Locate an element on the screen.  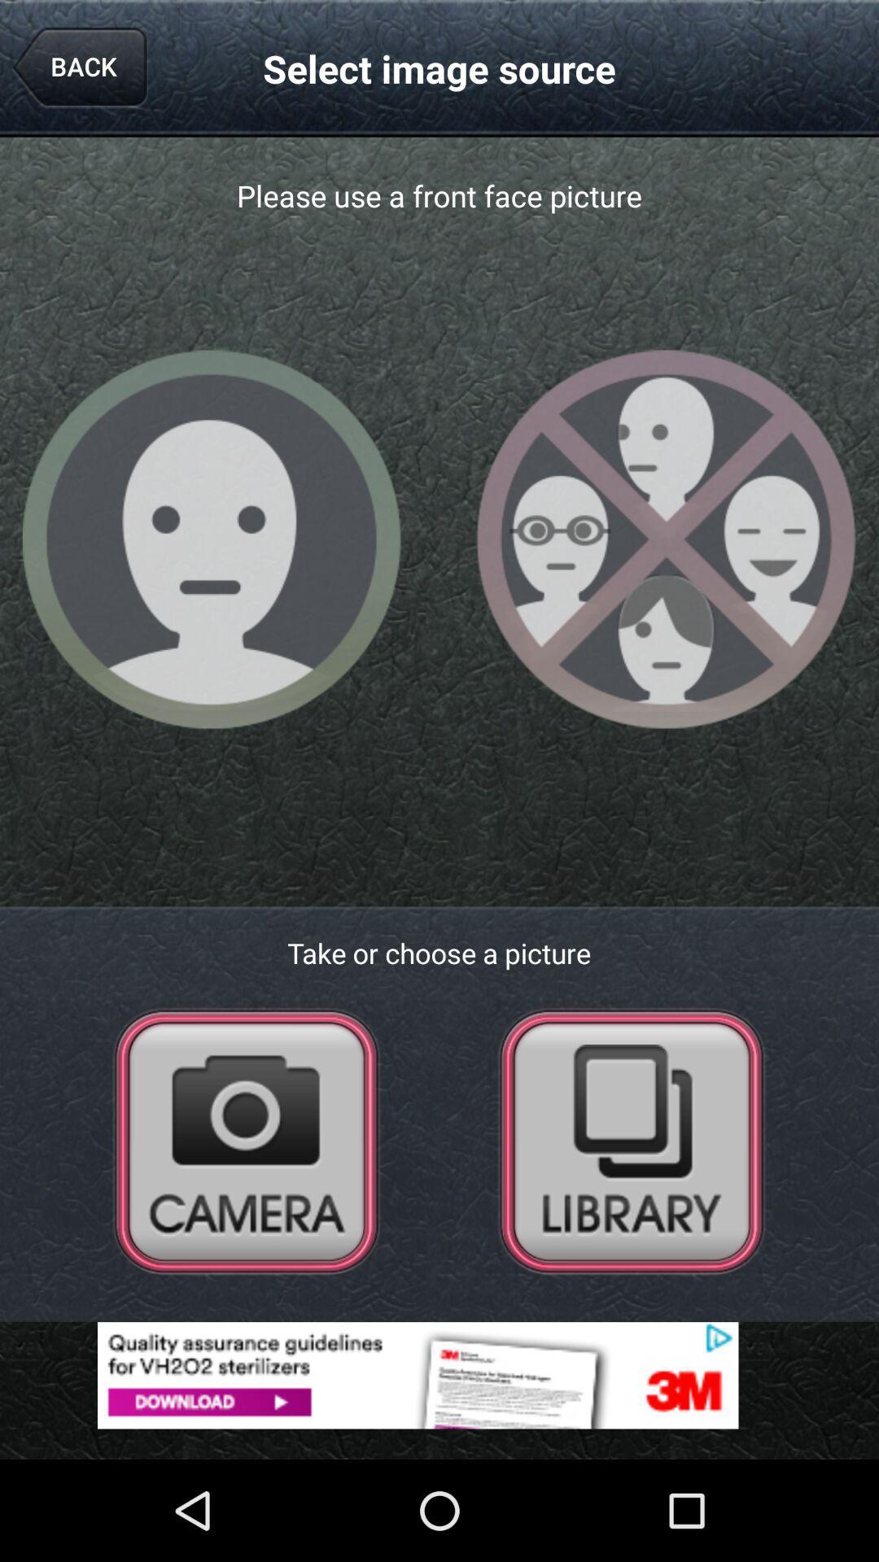
the camera is located at coordinates (247, 1140).